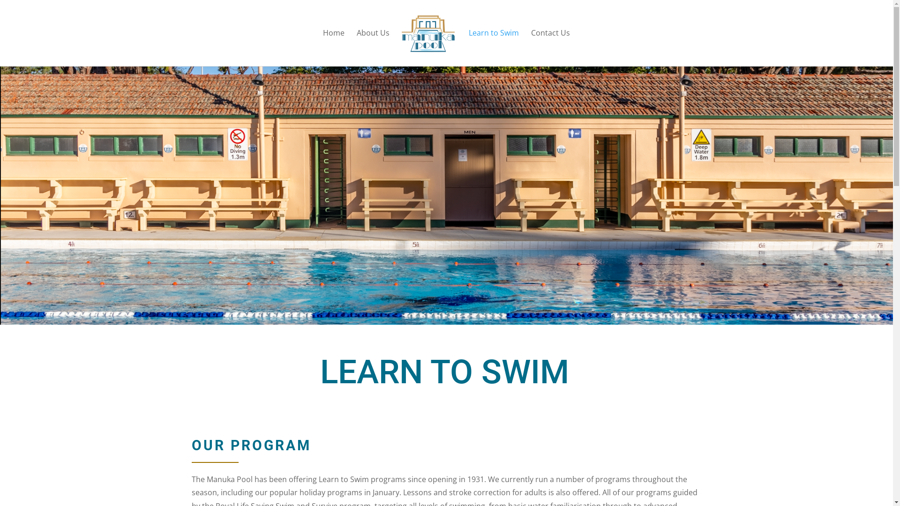 Image resolution: width=900 pixels, height=506 pixels. Describe the element at coordinates (333, 47) in the screenshot. I see `'Home'` at that location.